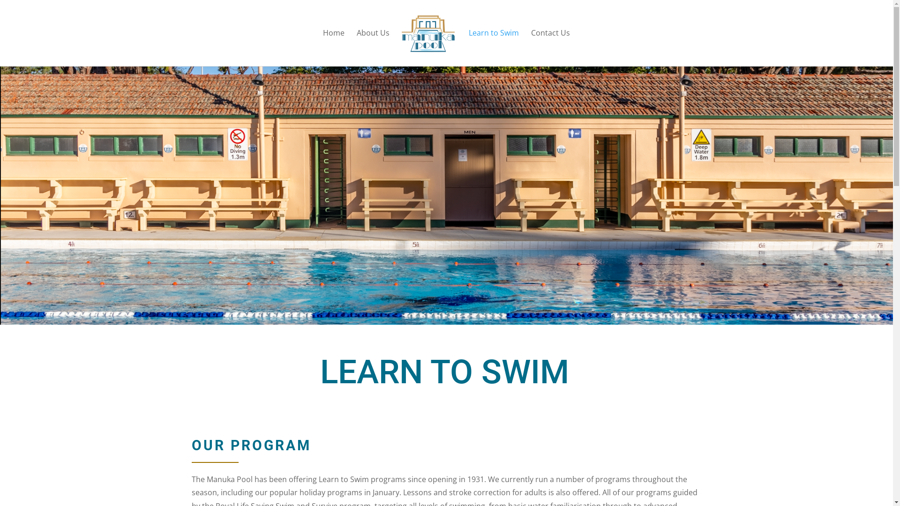 Image resolution: width=900 pixels, height=506 pixels. Describe the element at coordinates (333, 47) in the screenshot. I see `'Home'` at that location.